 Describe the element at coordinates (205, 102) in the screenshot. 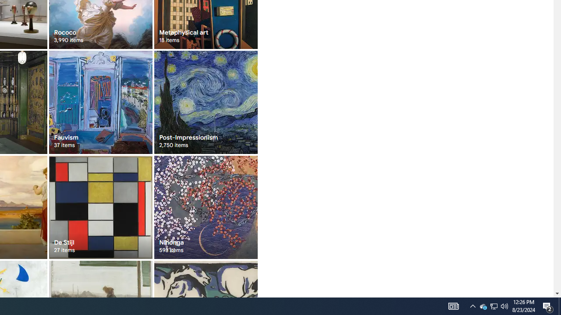

I see `'Post-Impressionism 2,750 items'` at that location.